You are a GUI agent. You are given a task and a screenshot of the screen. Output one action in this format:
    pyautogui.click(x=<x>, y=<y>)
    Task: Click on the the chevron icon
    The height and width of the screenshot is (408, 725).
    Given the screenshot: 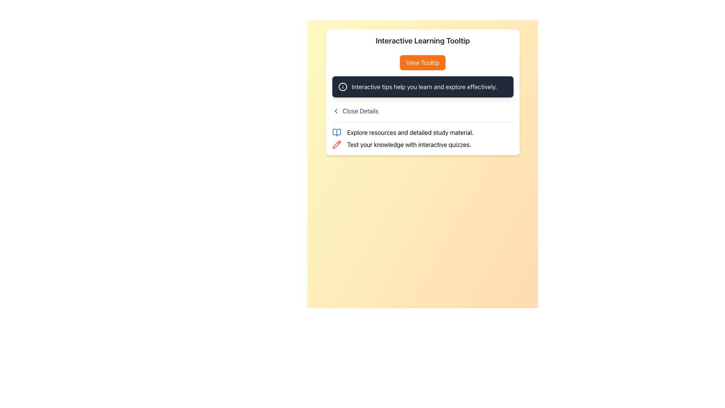 What is the action you would take?
    pyautogui.click(x=335, y=111)
    